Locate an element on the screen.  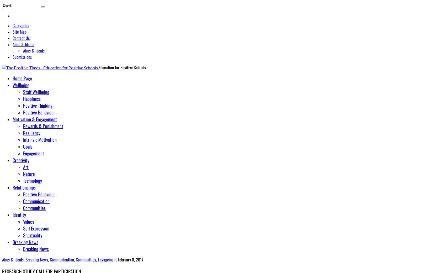
'Identity' is located at coordinates (19, 214).